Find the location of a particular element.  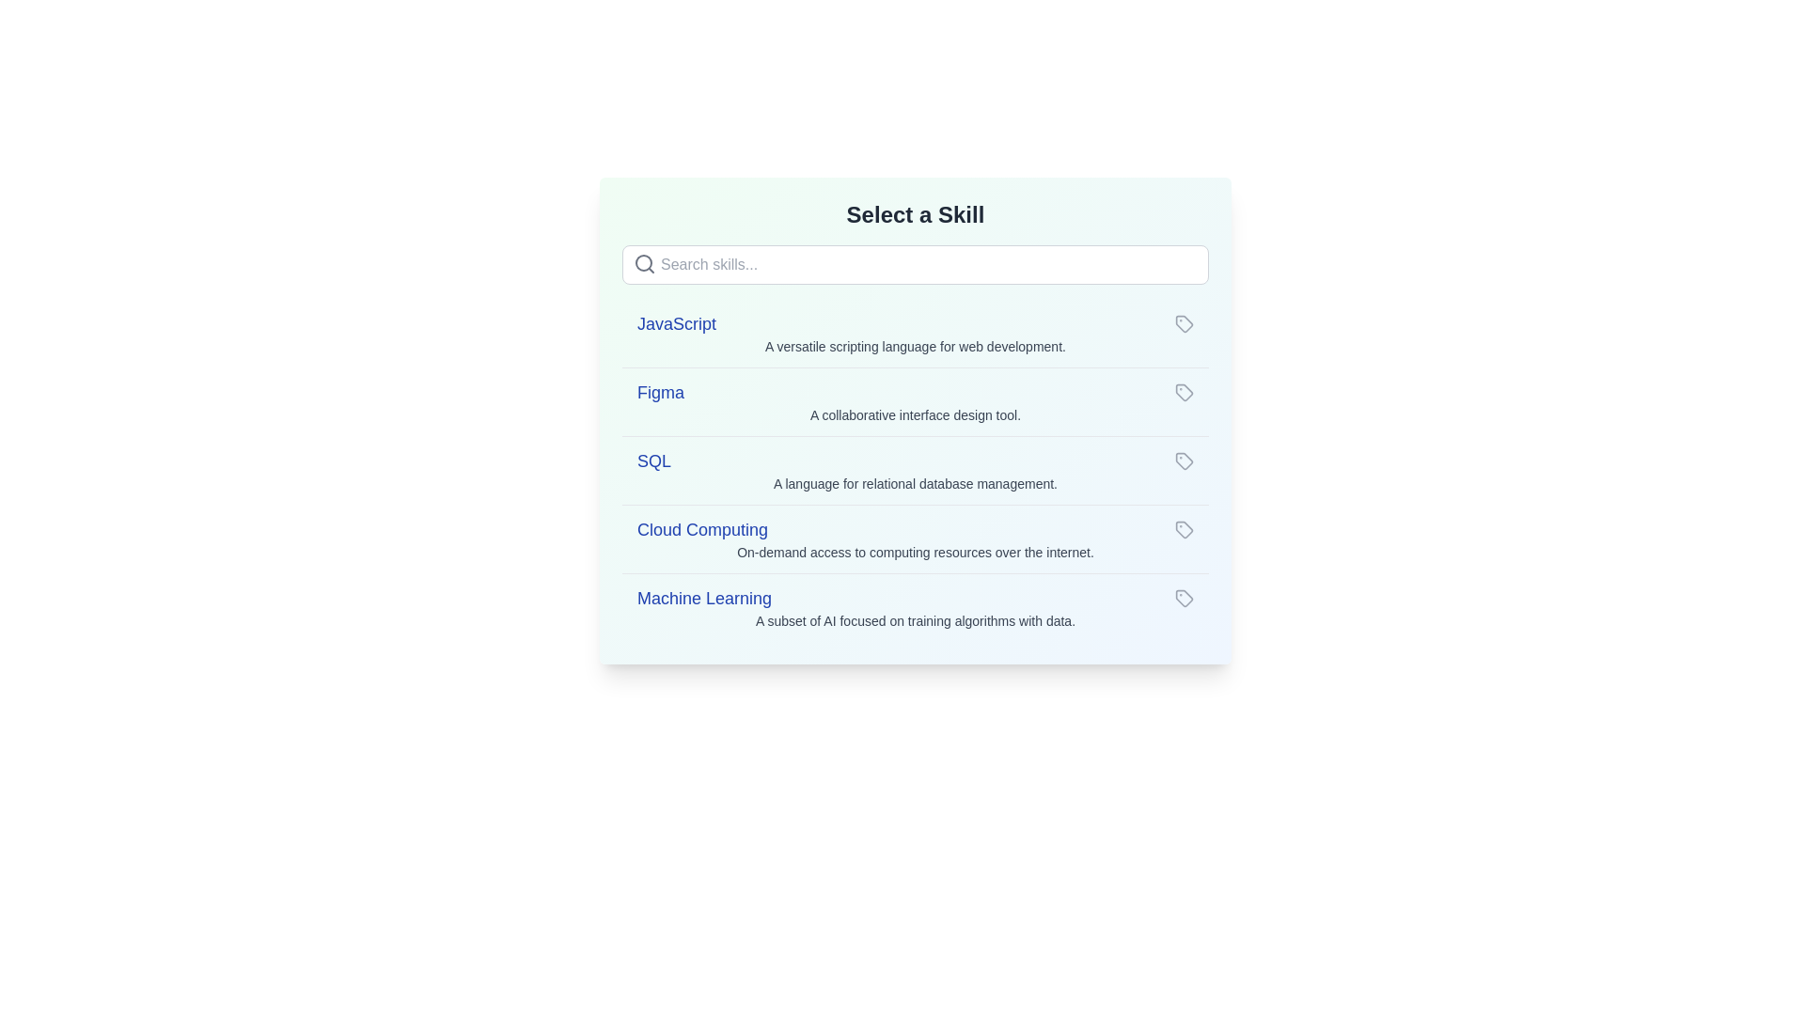

the small graphical tag-shaped icon located next to the 'Figma' text option in the list of skills is located at coordinates (1183, 391).